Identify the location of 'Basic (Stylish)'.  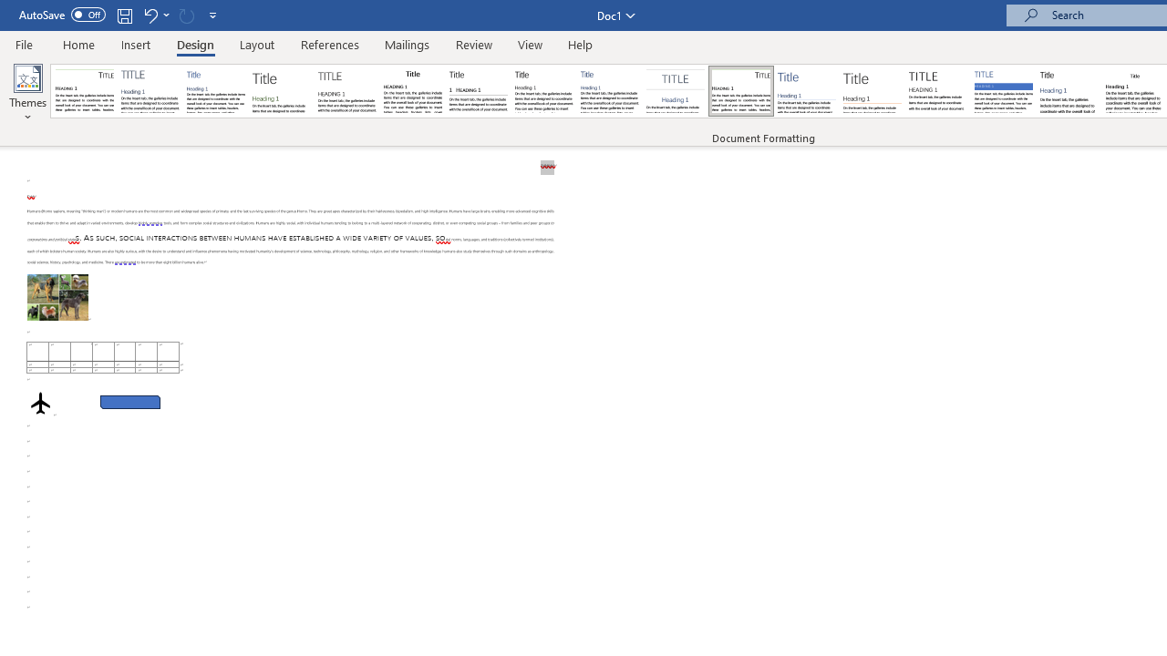
(281, 91).